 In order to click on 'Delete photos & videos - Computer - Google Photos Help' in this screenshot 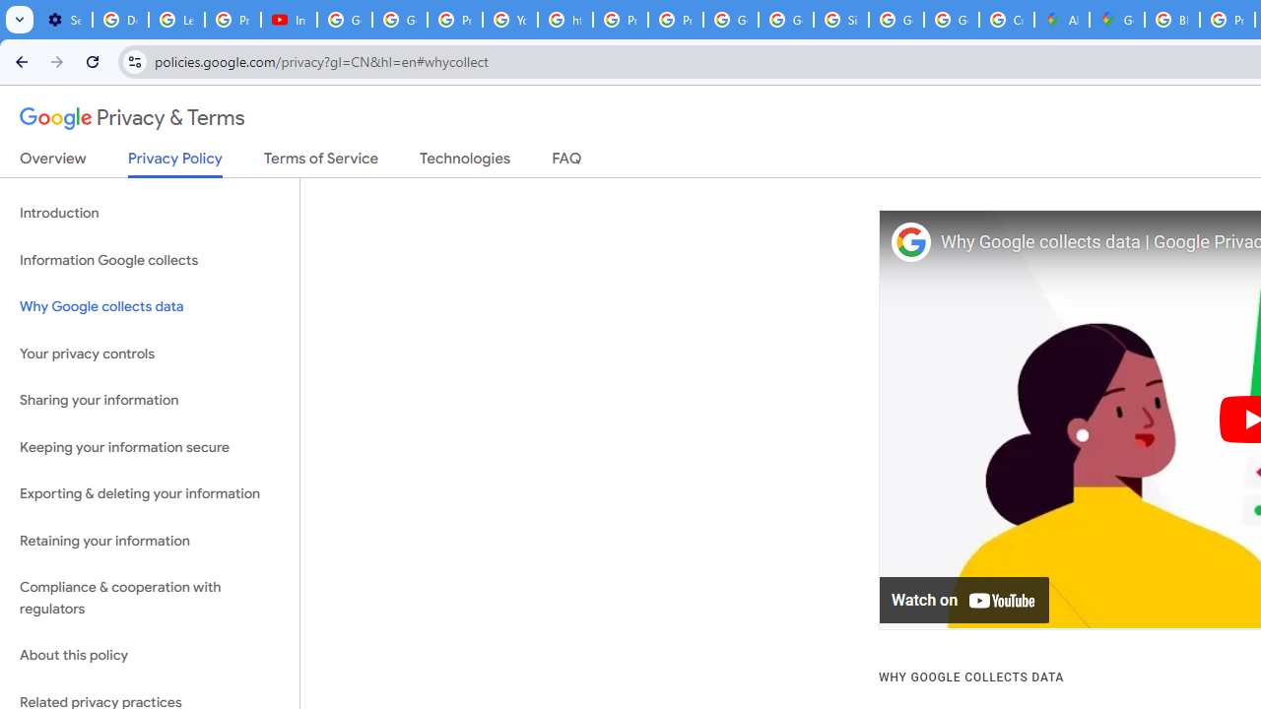, I will do `click(119, 20)`.